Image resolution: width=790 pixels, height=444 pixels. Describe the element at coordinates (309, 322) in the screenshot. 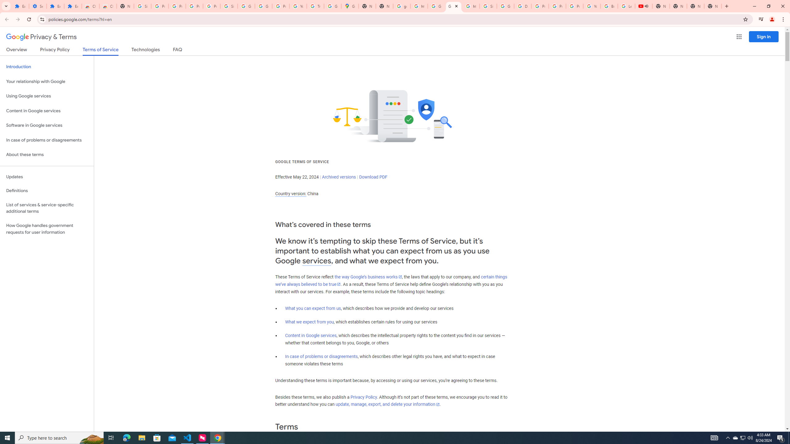

I see `'What we expect from you'` at that location.